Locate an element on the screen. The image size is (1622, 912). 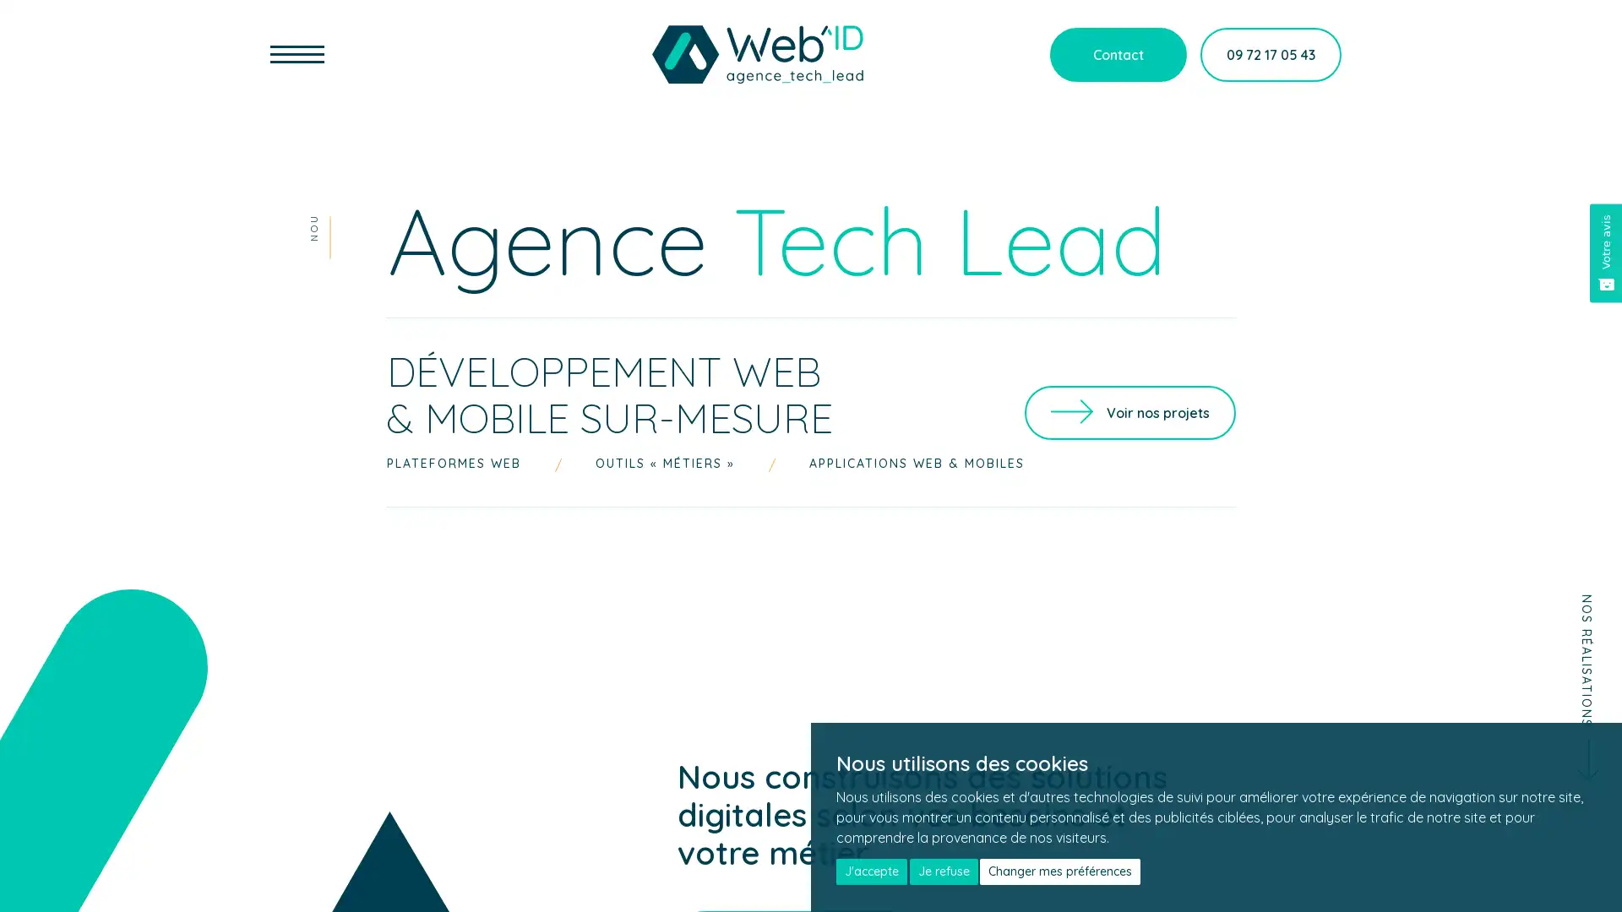
J'accepte is located at coordinates (872, 871).